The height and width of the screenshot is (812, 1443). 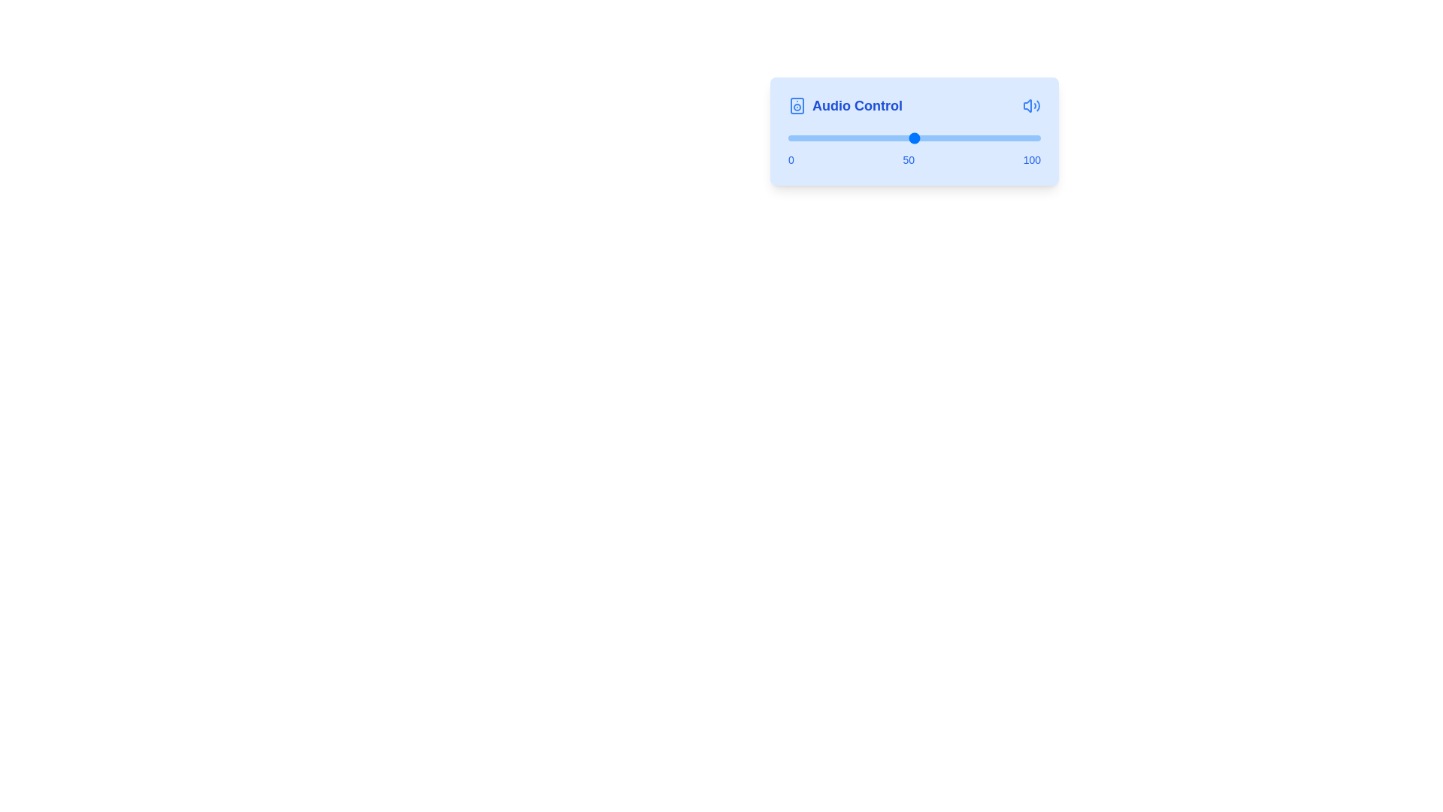 I want to click on the audio level, so click(x=941, y=138).